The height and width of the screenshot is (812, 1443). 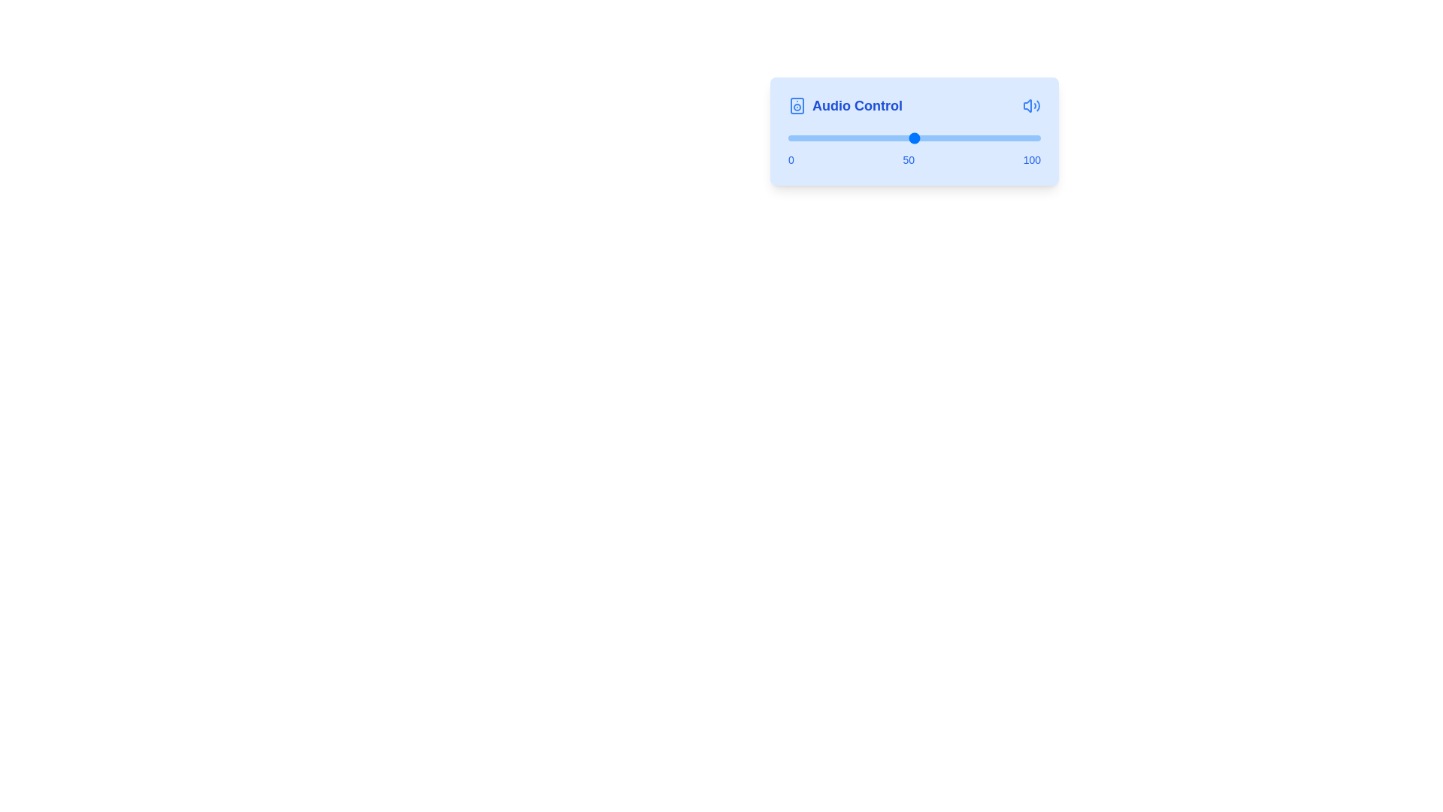 I want to click on the audio level, so click(x=941, y=138).